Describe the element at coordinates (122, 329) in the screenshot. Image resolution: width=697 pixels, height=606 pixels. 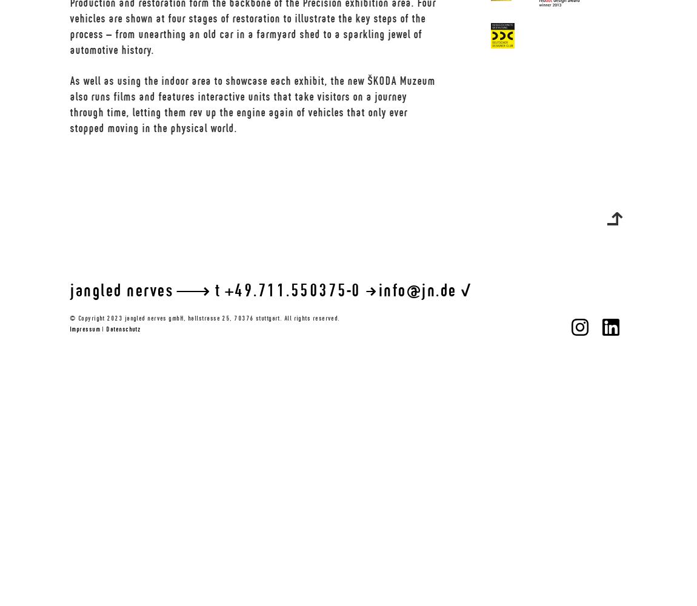
I see `'Datenschutz'` at that location.